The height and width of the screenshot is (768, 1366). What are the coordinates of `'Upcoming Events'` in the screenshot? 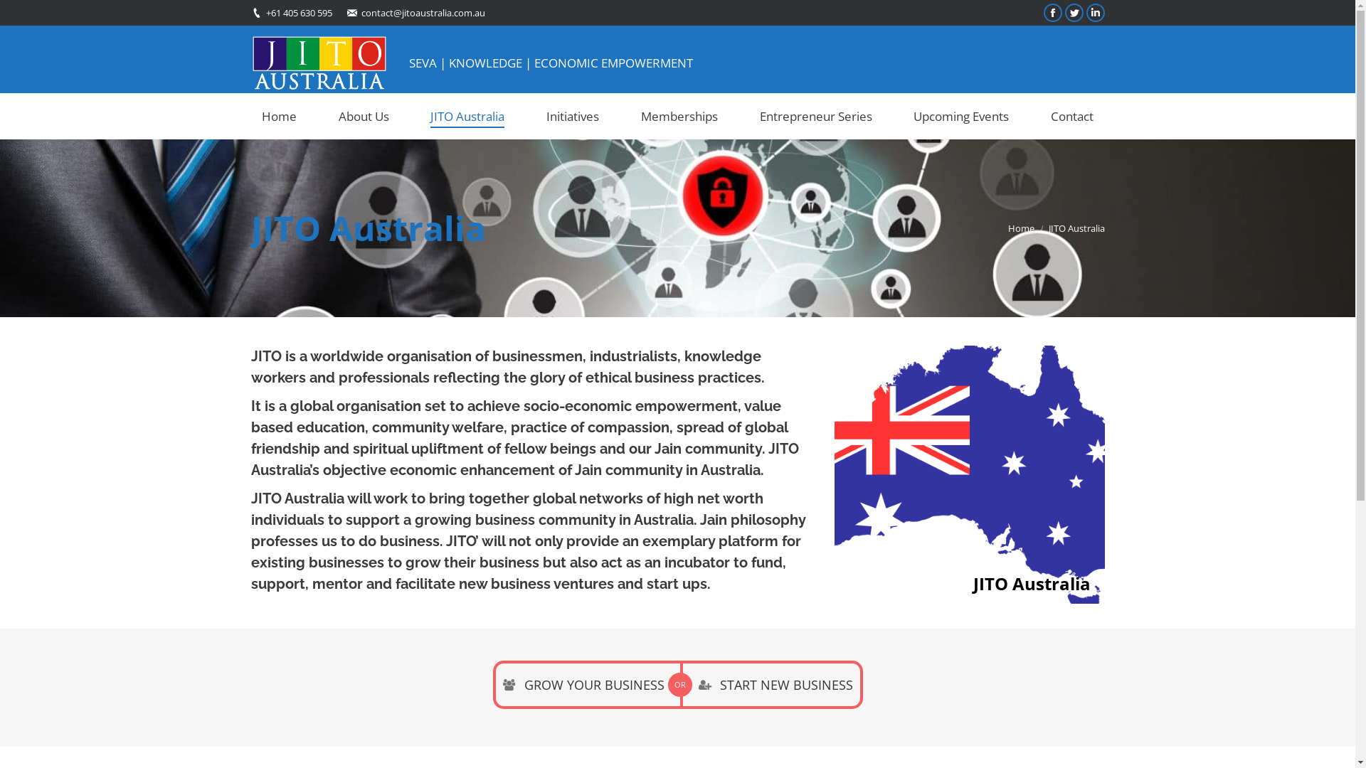 It's located at (901, 115).